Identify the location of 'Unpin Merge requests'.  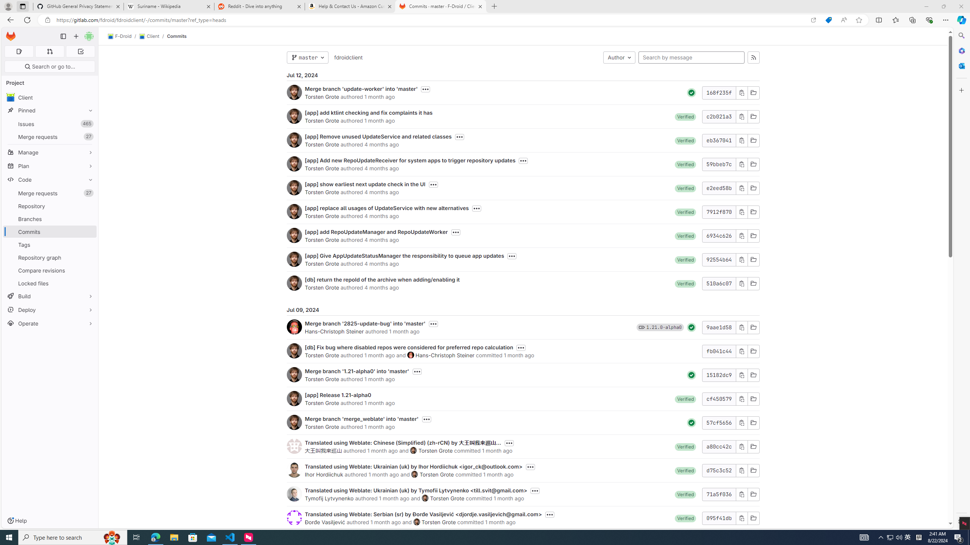
(88, 193).